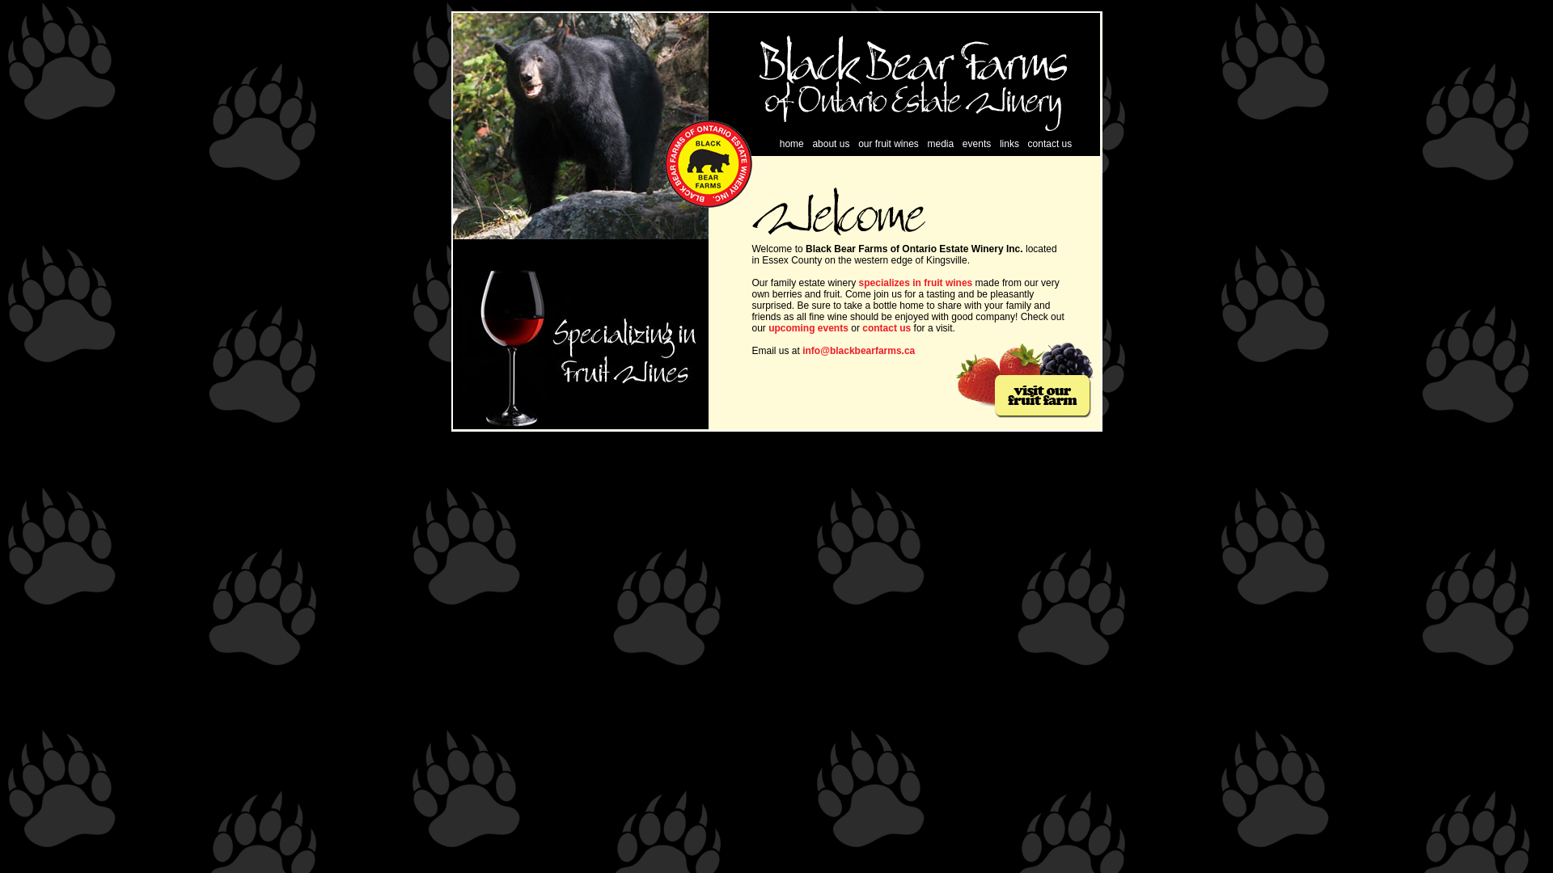  Describe the element at coordinates (807, 327) in the screenshot. I see `'upcoming events'` at that location.